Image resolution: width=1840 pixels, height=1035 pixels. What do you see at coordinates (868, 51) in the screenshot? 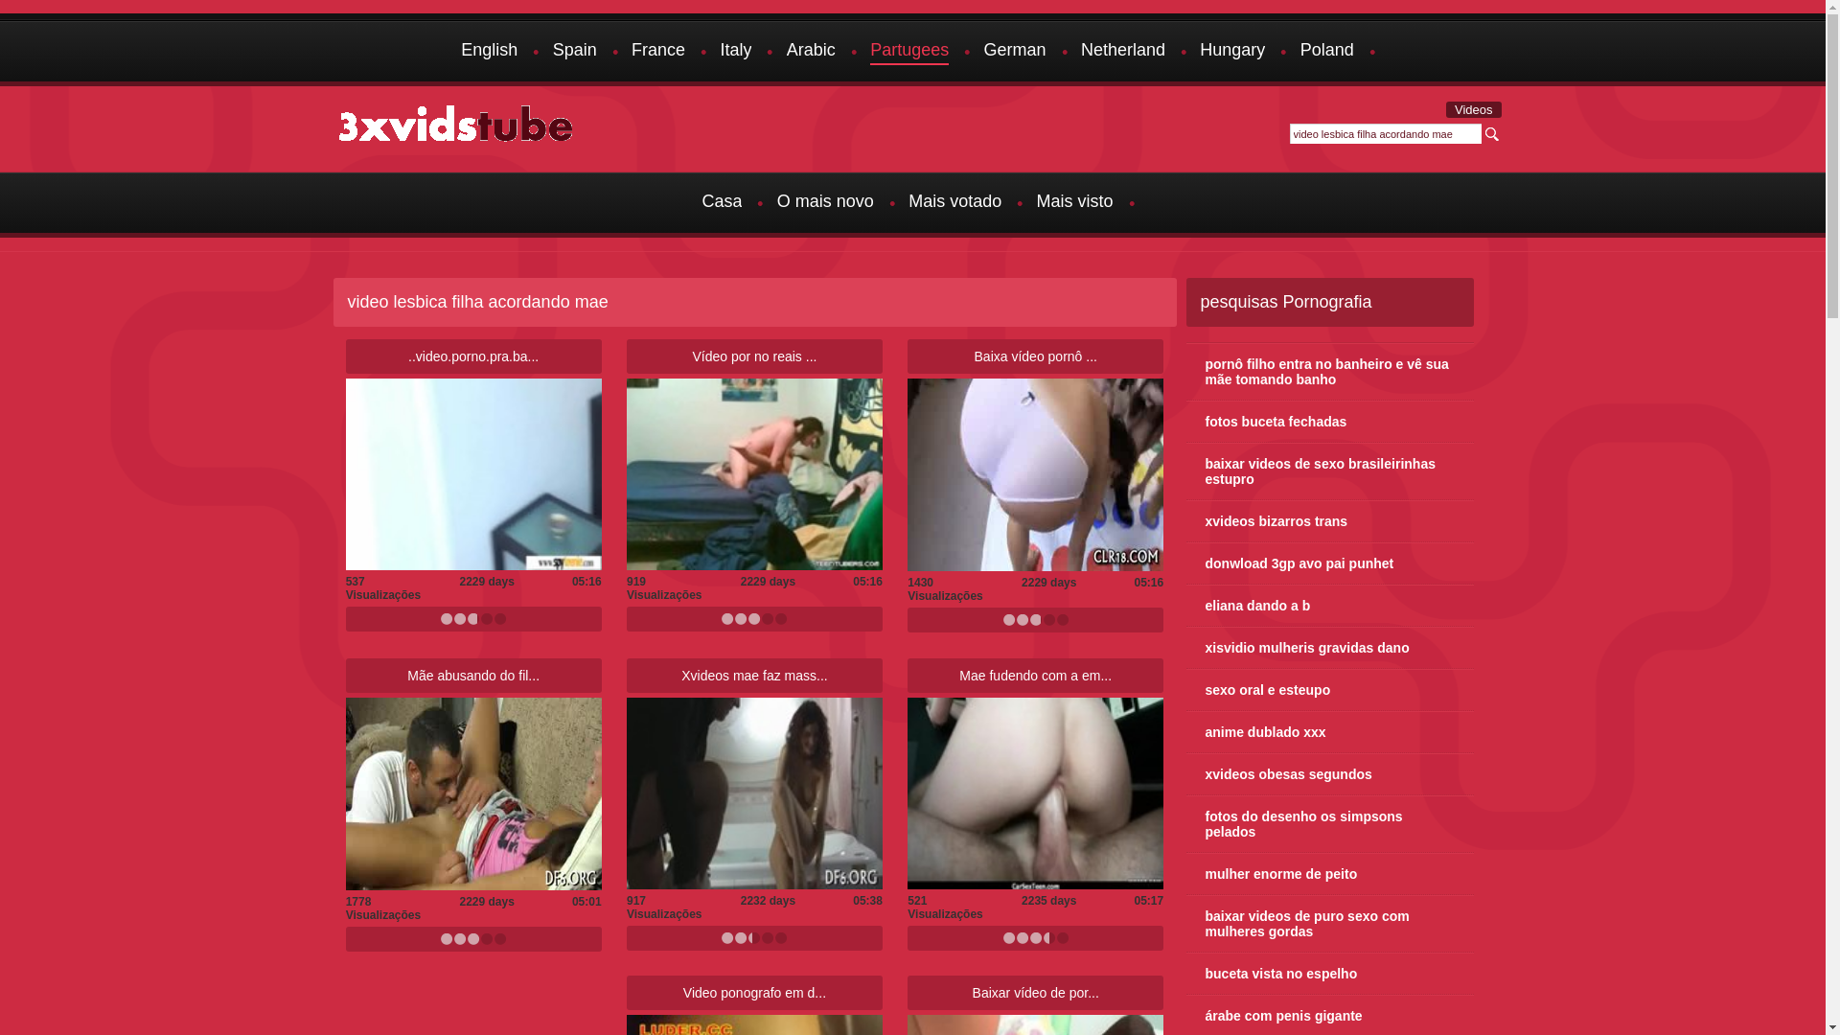
I see `'Partugees'` at bounding box center [868, 51].